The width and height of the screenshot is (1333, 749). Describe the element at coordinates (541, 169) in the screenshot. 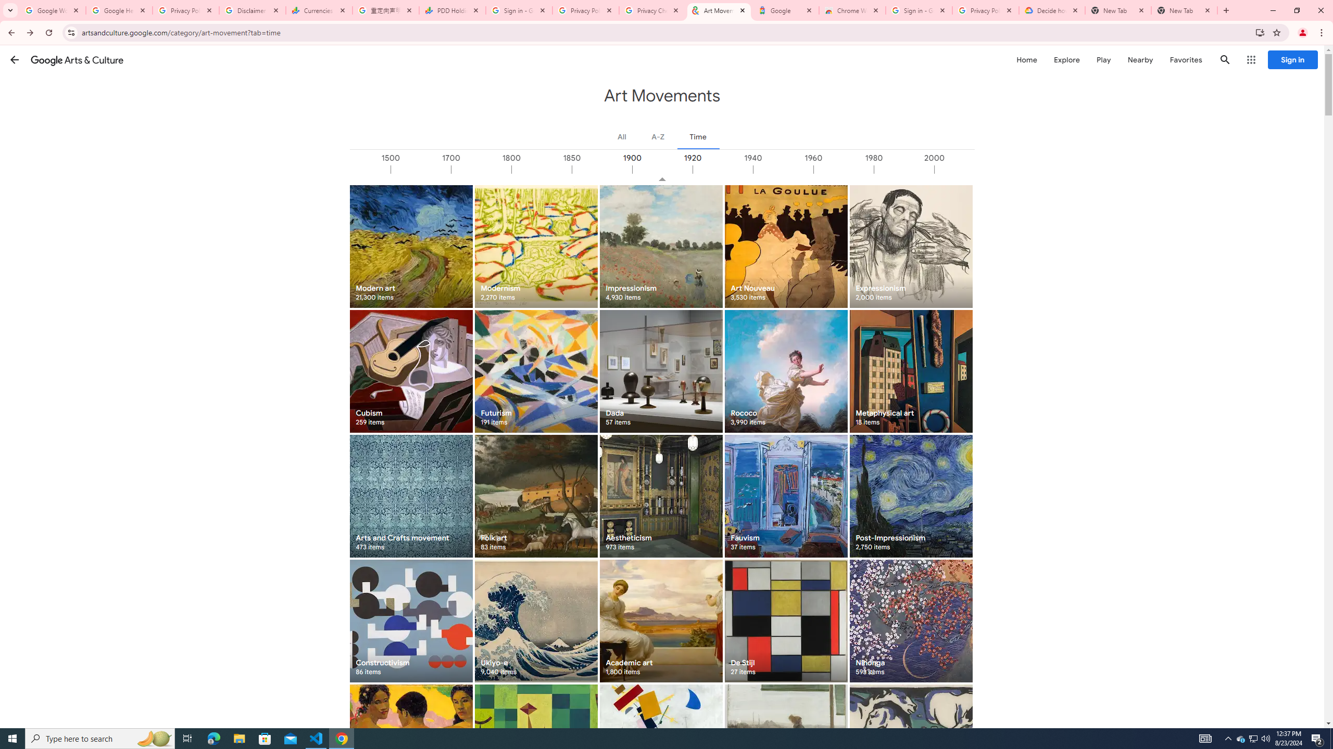

I see `'1800'` at that location.